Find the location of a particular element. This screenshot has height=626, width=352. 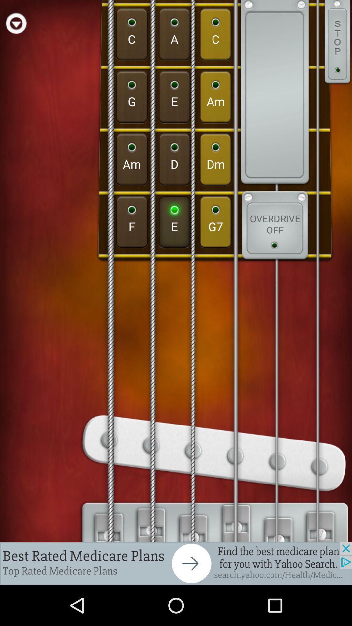

next is located at coordinates (176, 563).